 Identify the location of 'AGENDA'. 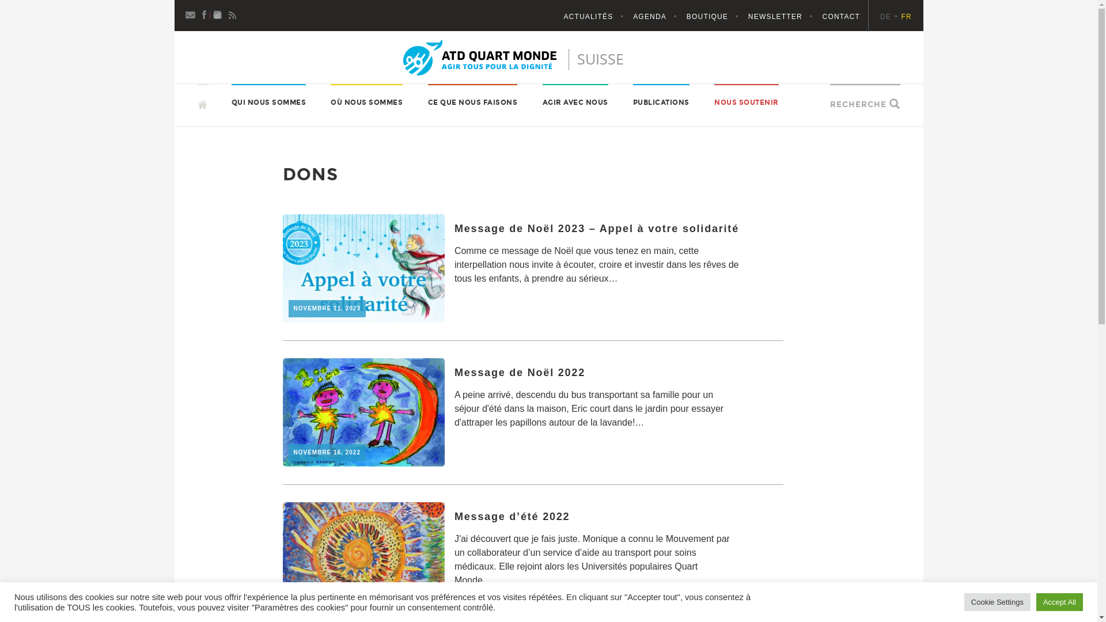
(658, 17).